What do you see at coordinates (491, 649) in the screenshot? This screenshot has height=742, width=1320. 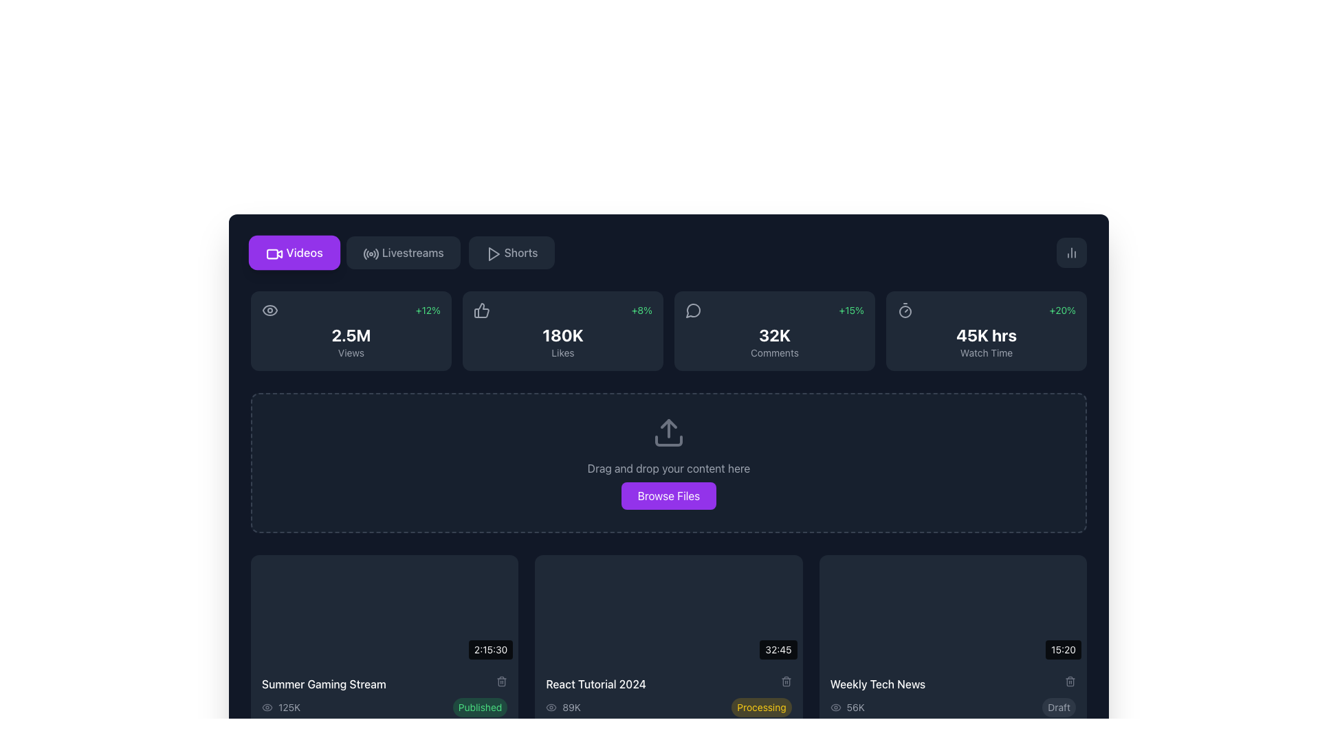 I see `the time label displaying '2:15:30', which is styled with a black background and white text, located at the bottom-right corner of a card in the grid layout` at bounding box center [491, 649].